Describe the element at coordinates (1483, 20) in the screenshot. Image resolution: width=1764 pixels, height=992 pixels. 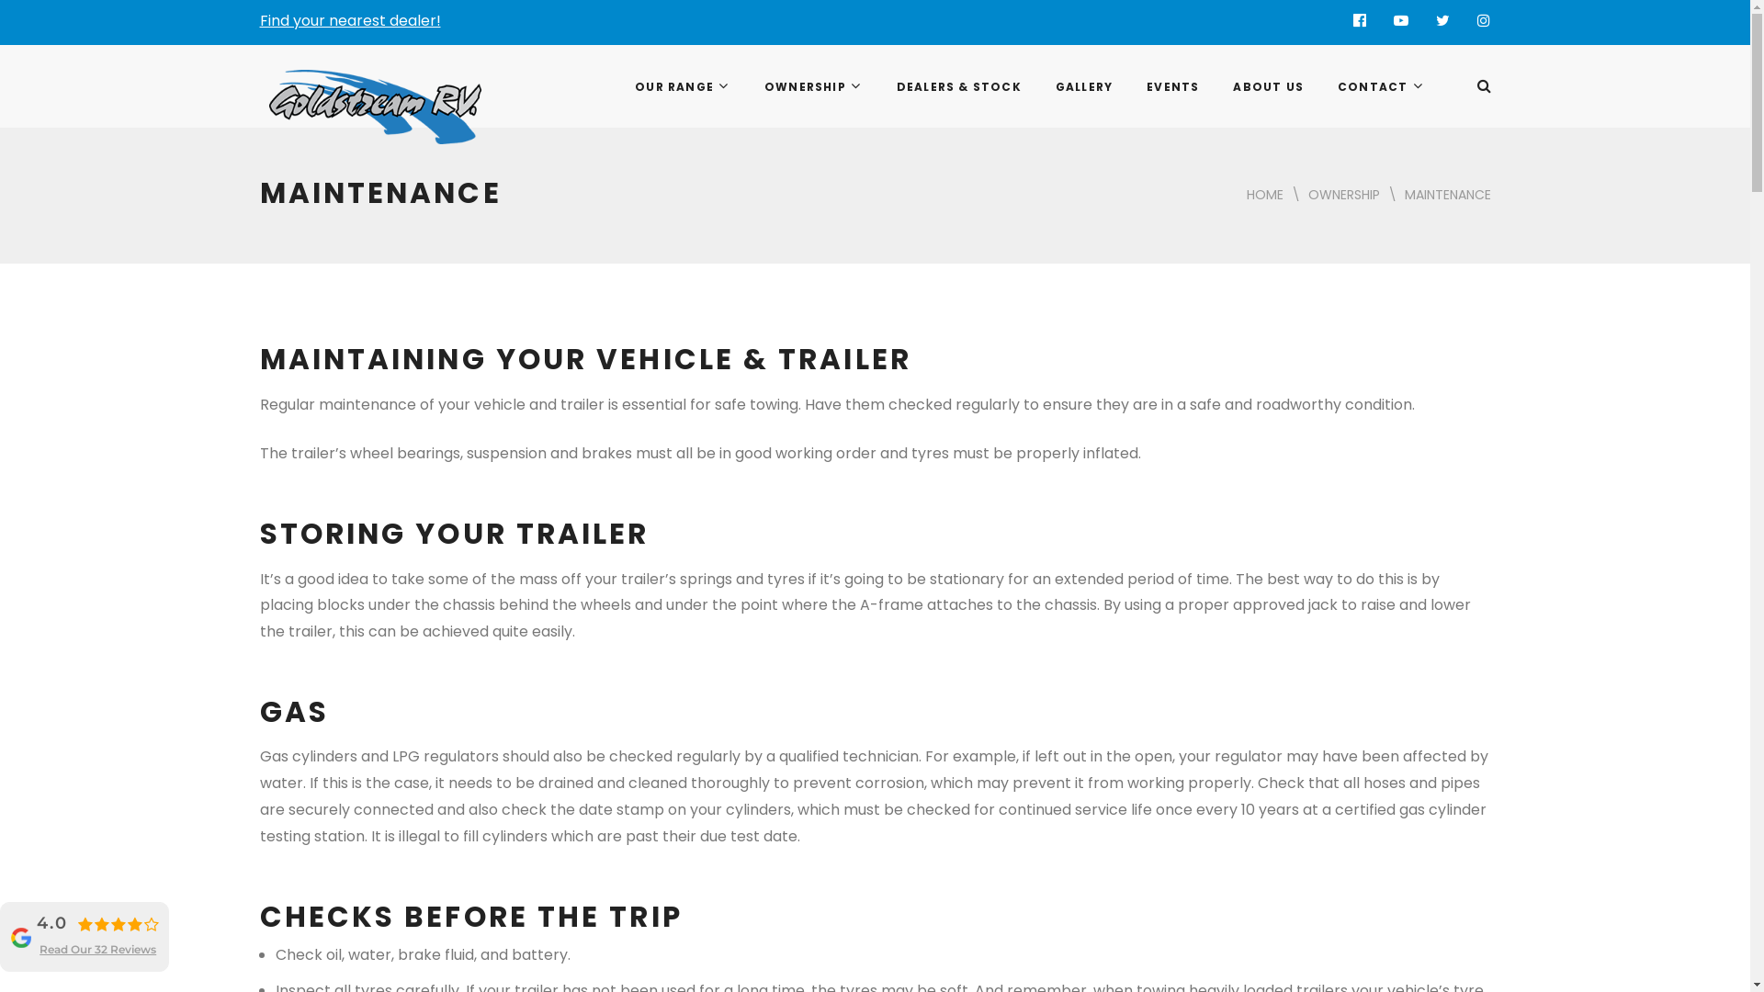
I see `'Instagram'` at that location.